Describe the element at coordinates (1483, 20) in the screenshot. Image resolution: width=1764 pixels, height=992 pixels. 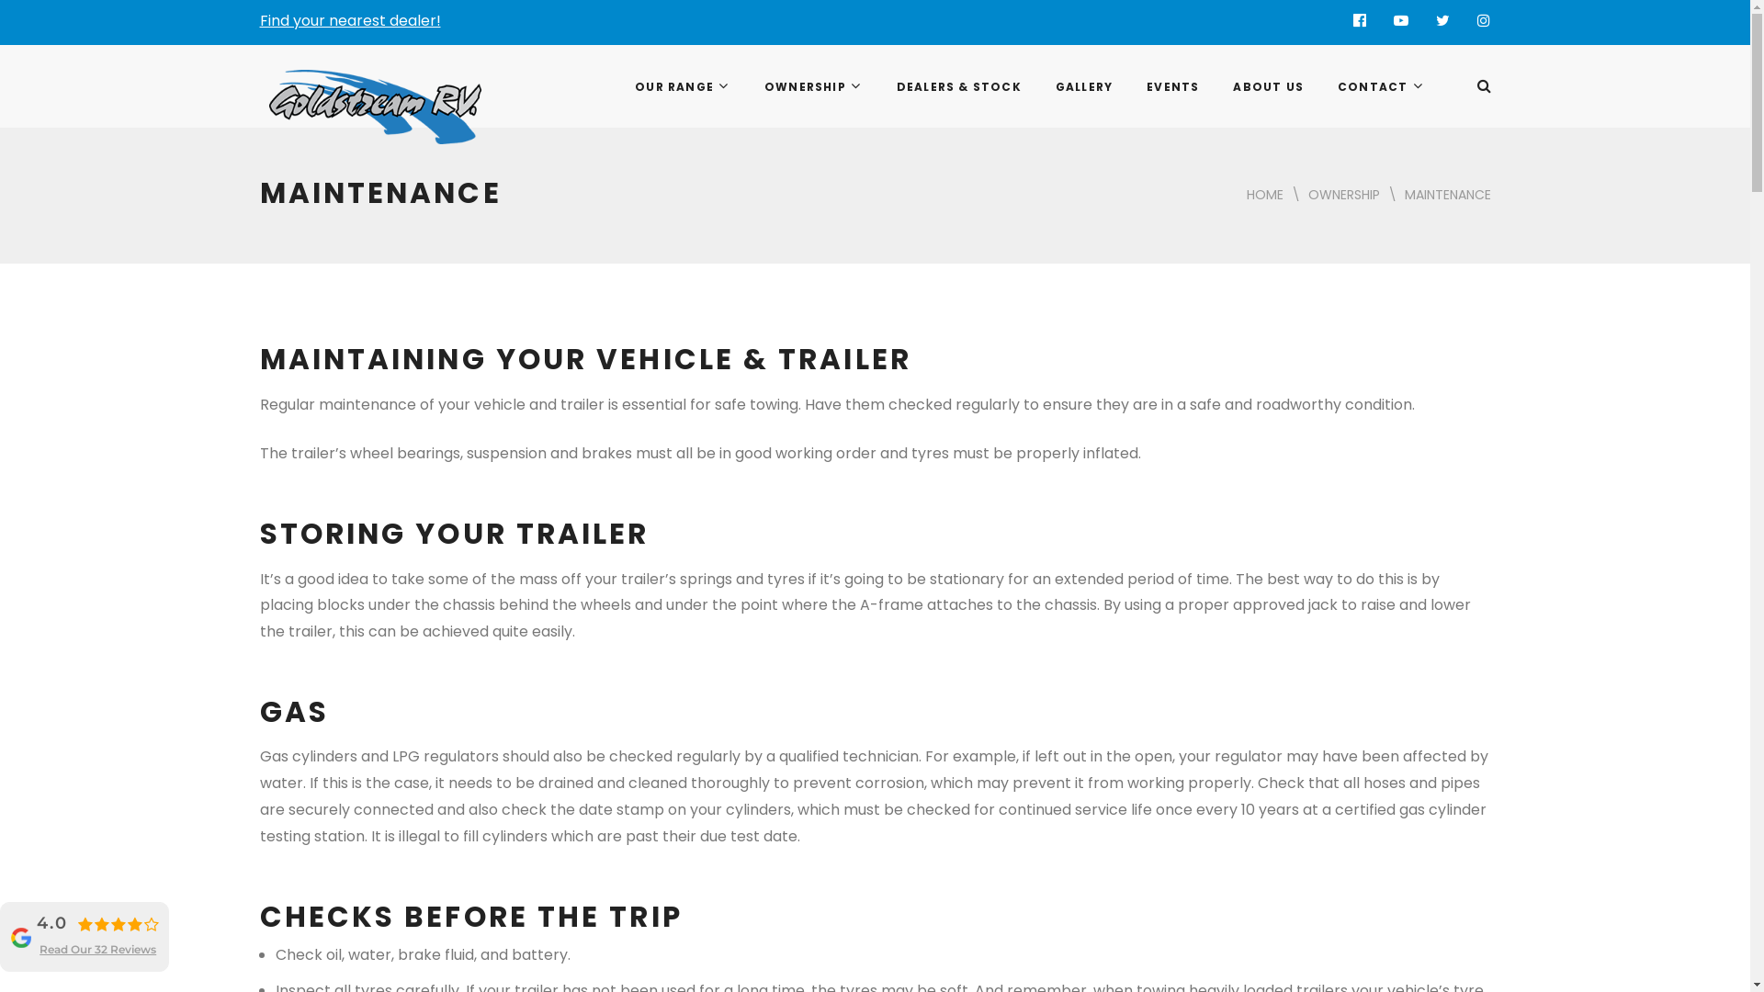
I see `'Instagram'` at that location.